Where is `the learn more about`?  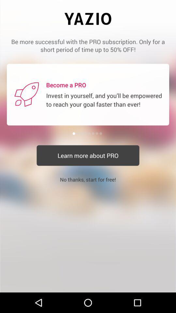
the learn more about is located at coordinates (88, 156).